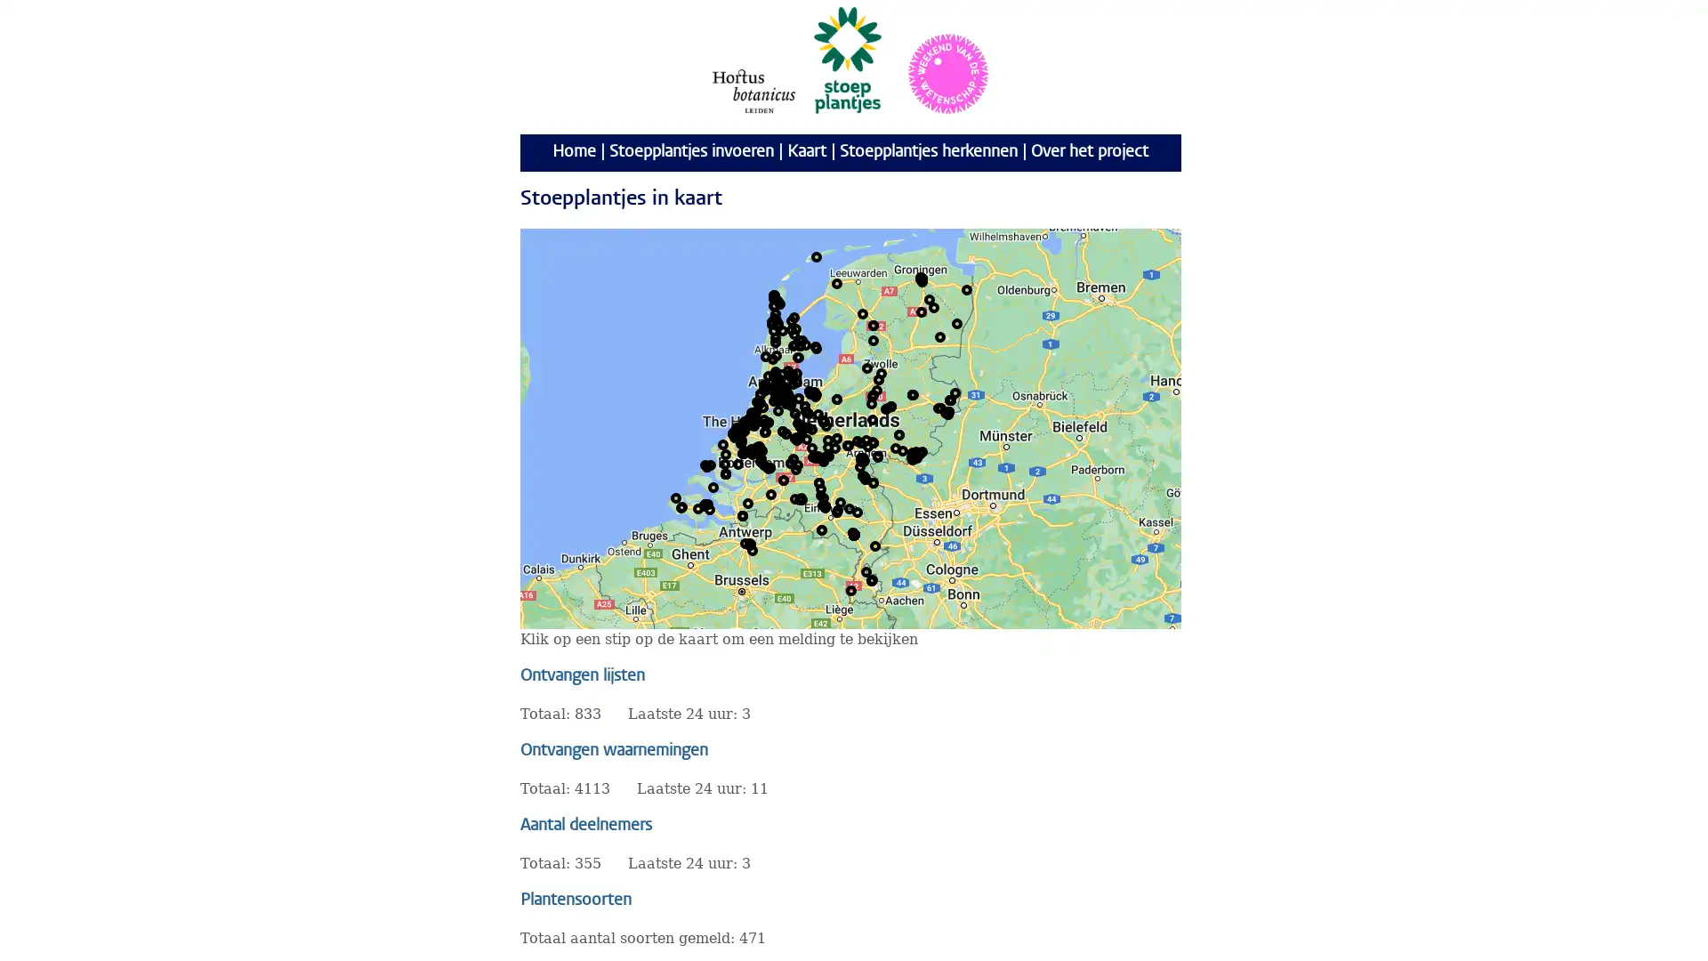 The image size is (1708, 961). I want to click on Telling van op 13 juni 2022, so click(772, 389).